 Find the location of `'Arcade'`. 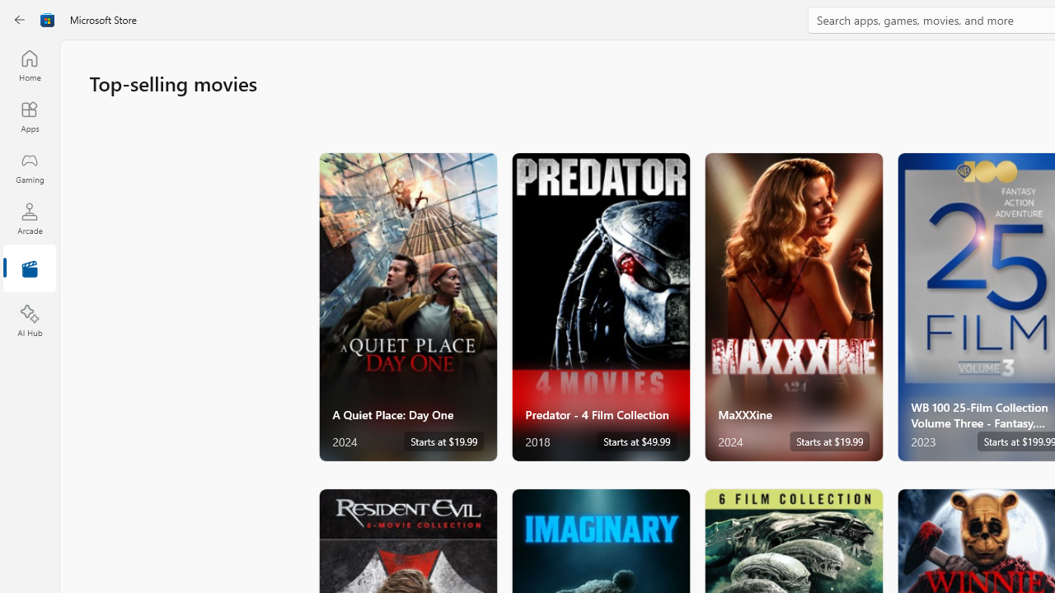

'Arcade' is located at coordinates (29, 217).